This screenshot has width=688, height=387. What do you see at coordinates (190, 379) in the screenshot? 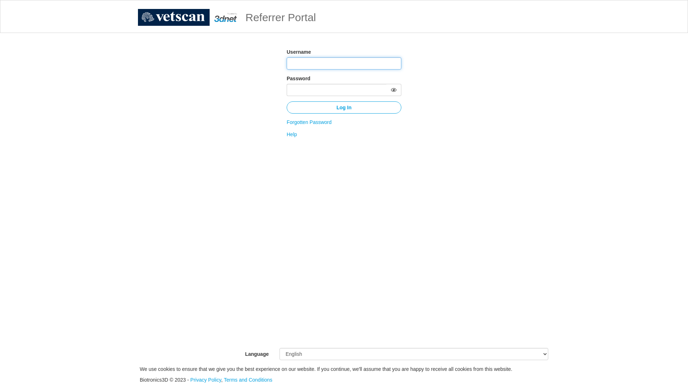
I see `'Privacy Policy'` at bounding box center [190, 379].